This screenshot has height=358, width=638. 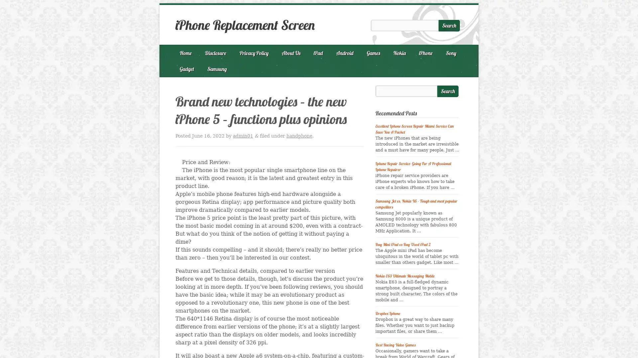 I want to click on Search, so click(x=449, y=25).